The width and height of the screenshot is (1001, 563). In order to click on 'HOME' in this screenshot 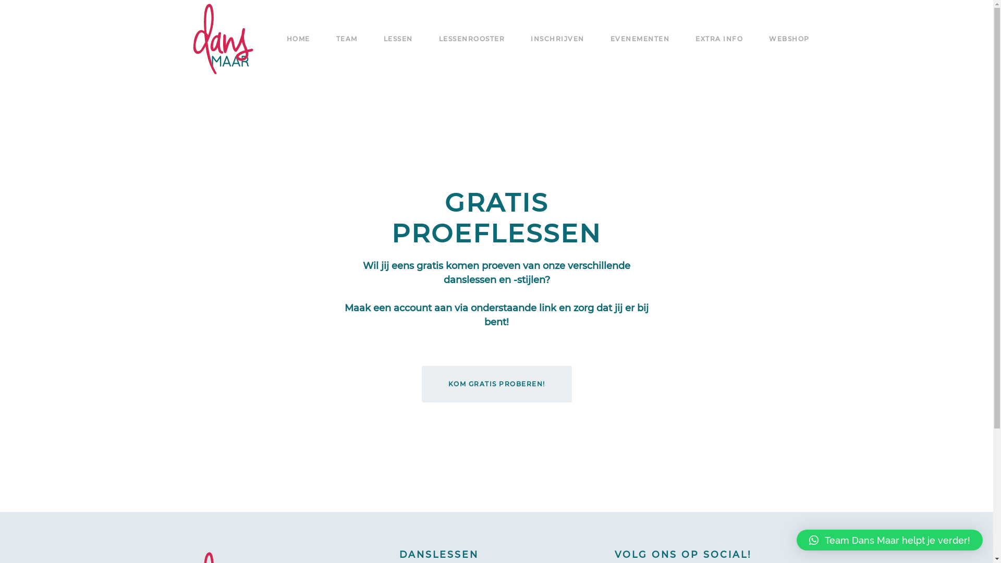, I will do `click(298, 38)`.